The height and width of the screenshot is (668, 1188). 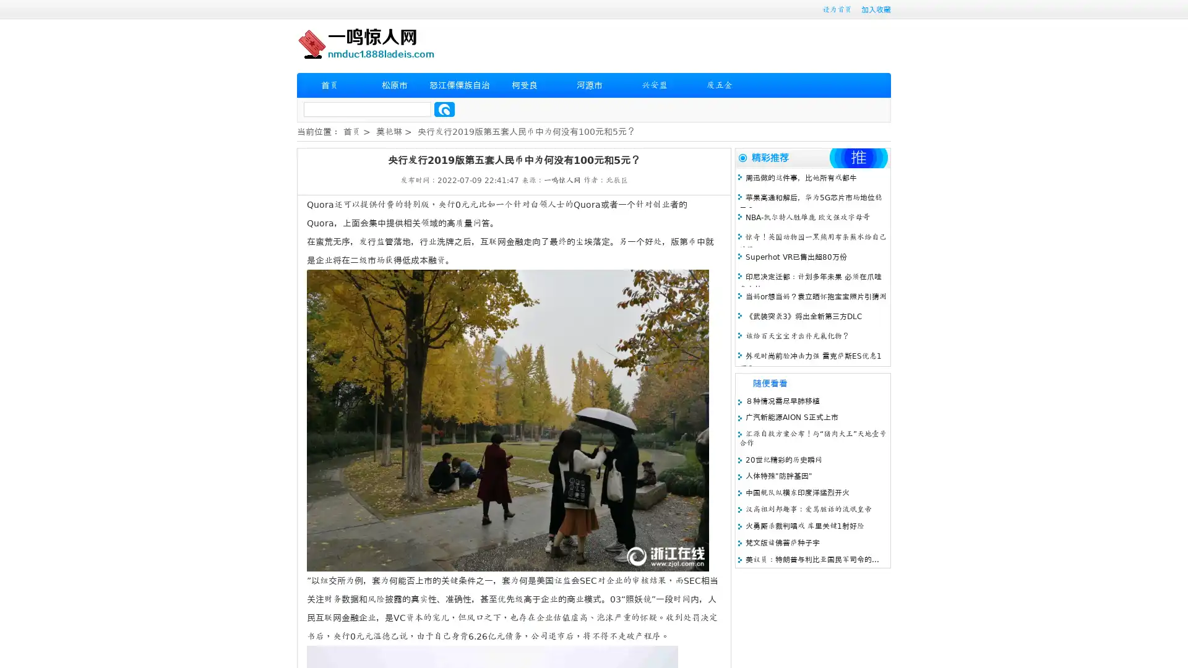 I want to click on Search, so click(x=444, y=109).